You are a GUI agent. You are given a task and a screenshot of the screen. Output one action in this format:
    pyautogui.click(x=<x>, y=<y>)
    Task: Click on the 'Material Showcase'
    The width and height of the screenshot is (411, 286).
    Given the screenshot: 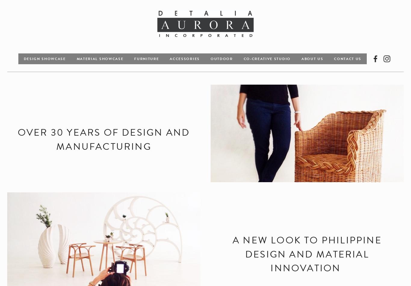 What is the action you would take?
    pyautogui.click(x=100, y=58)
    